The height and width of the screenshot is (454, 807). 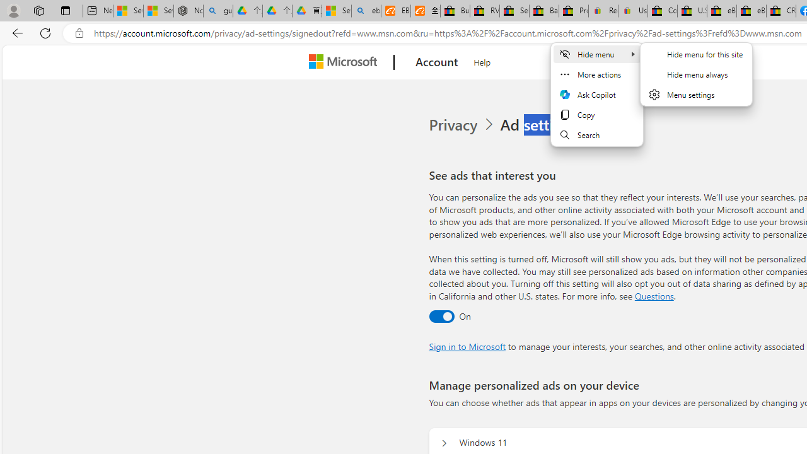 What do you see at coordinates (695, 54) in the screenshot?
I see `'Hide menu for this site'` at bounding box center [695, 54].